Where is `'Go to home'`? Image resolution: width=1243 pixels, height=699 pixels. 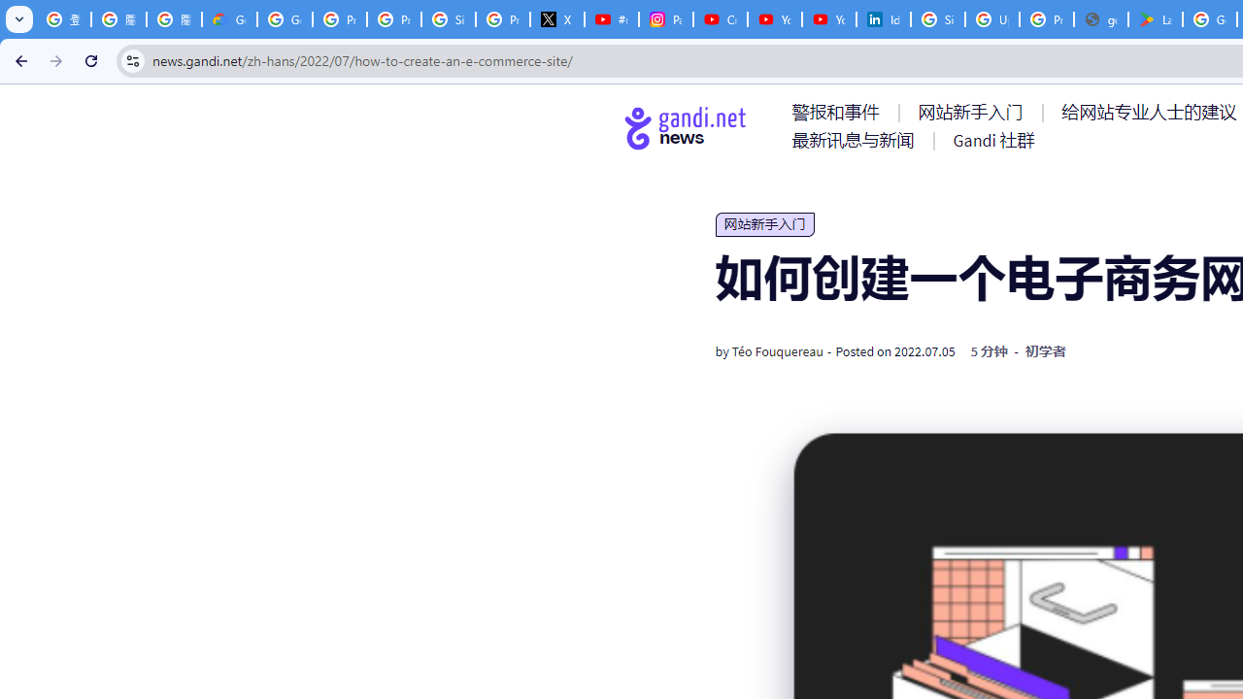 'Go to home' is located at coordinates (686, 127).